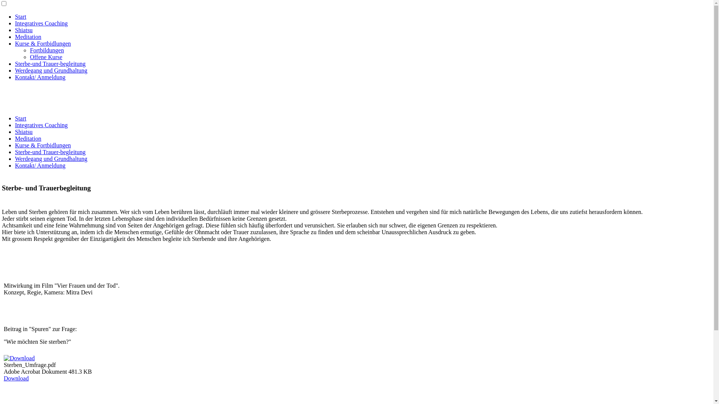  I want to click on 'Meditation', so click(28, 37).